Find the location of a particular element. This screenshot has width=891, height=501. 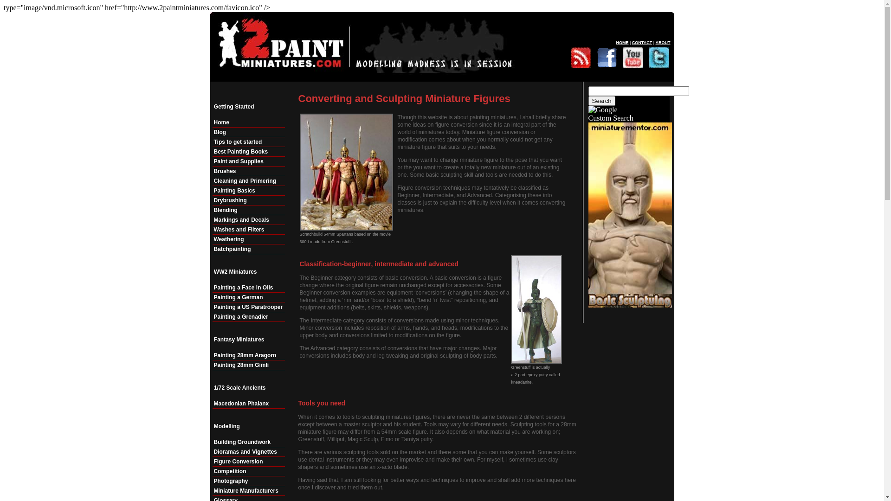

'Cleaning and Primering' is located at coordinates (249, 181).